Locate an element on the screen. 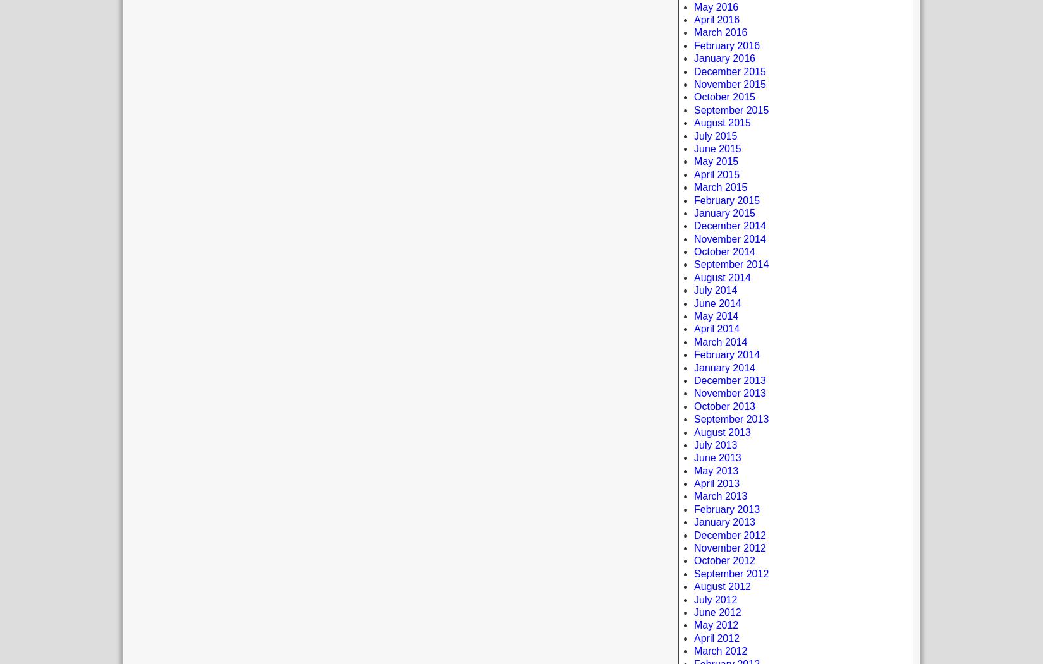 Image resolution: width=1043 pixels, height=664 pixels. 'November 2014' is located at coordinates (729, 238).